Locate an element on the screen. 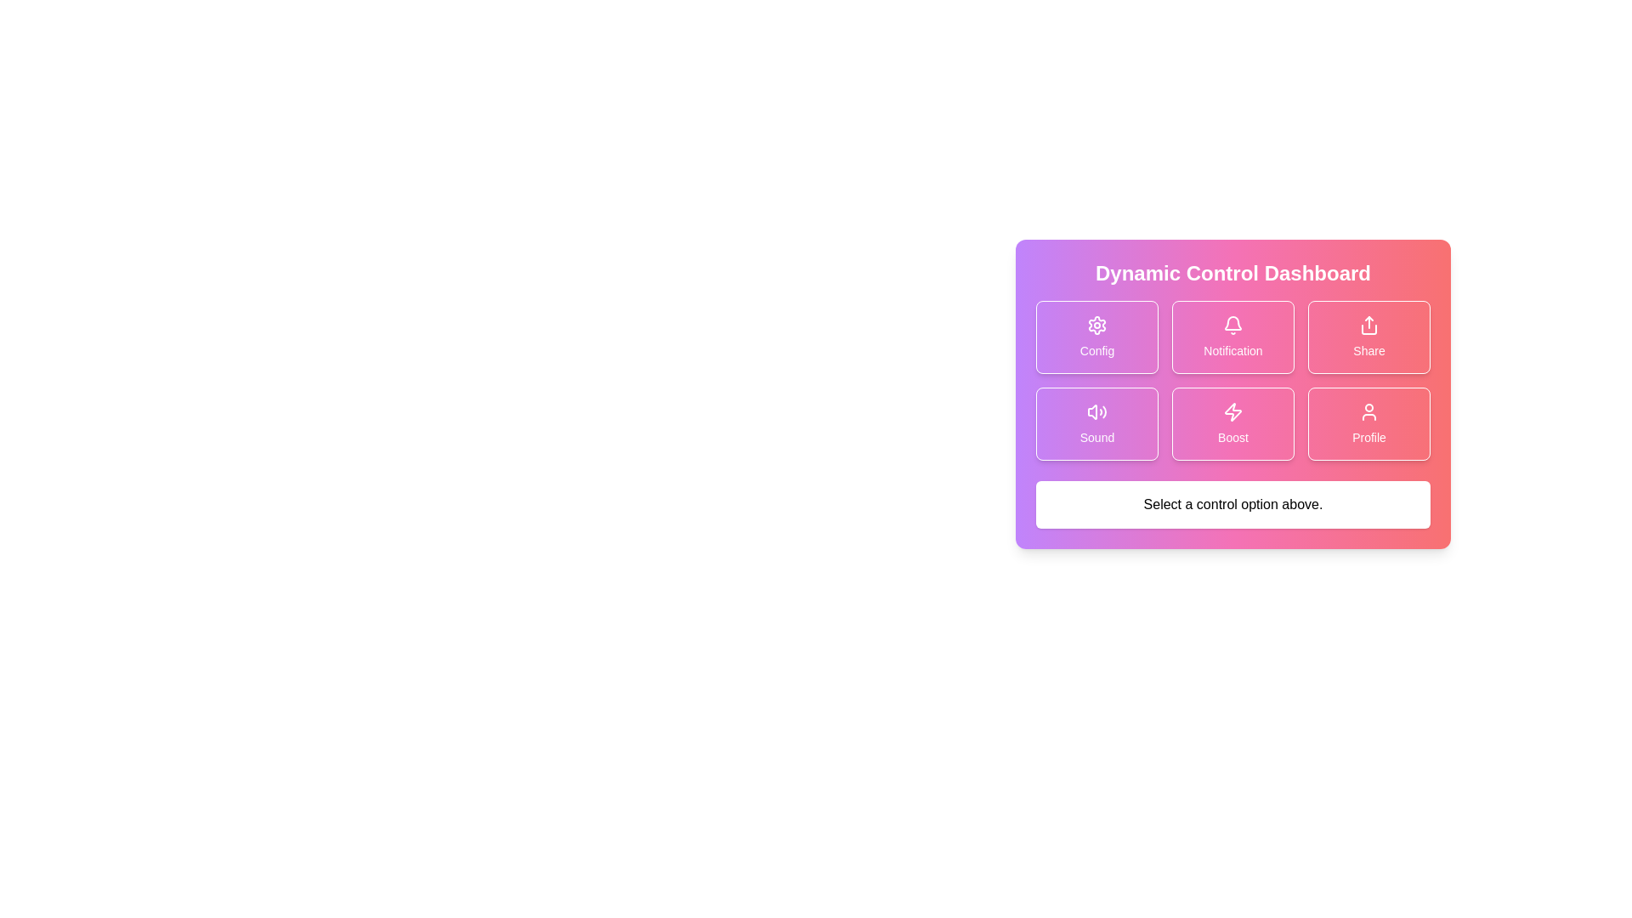  the 'Boost' button located at the bottom-center of the control dashboard to observe any hover effects is located at coordinates (1232, 422).